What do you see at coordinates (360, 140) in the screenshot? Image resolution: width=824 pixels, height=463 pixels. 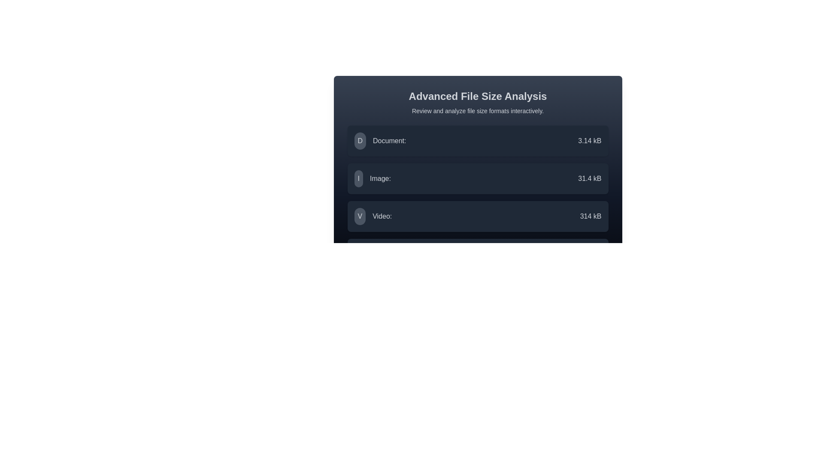 I see `the circular gray badge with a white uppercase letter 'D' that is the first badge to the left of the text label 'Document:'` at bounding box center [360, 140].